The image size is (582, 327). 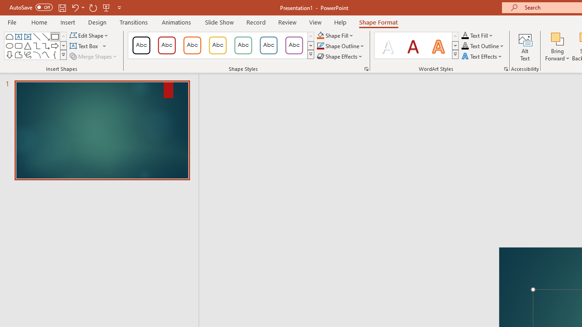 I want to click on 'Bring Forward', so click(x=557, y=38).